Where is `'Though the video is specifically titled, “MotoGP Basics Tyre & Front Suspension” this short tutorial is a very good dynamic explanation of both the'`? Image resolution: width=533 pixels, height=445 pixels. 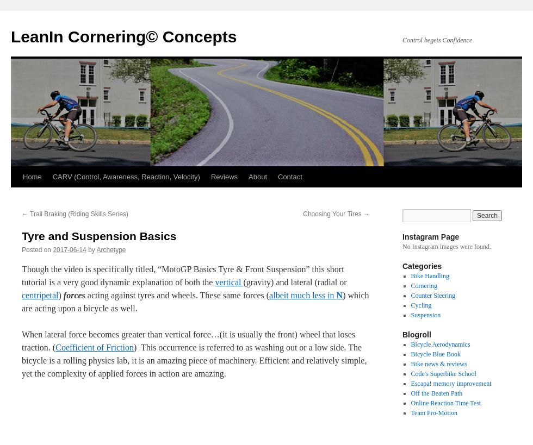
'Though the video is specifically titled, “MotoGP Basics Tyre & Front Suspension” this short tutorial is a very good dynamic explanation of both the' is located at coordinates (183, 275).